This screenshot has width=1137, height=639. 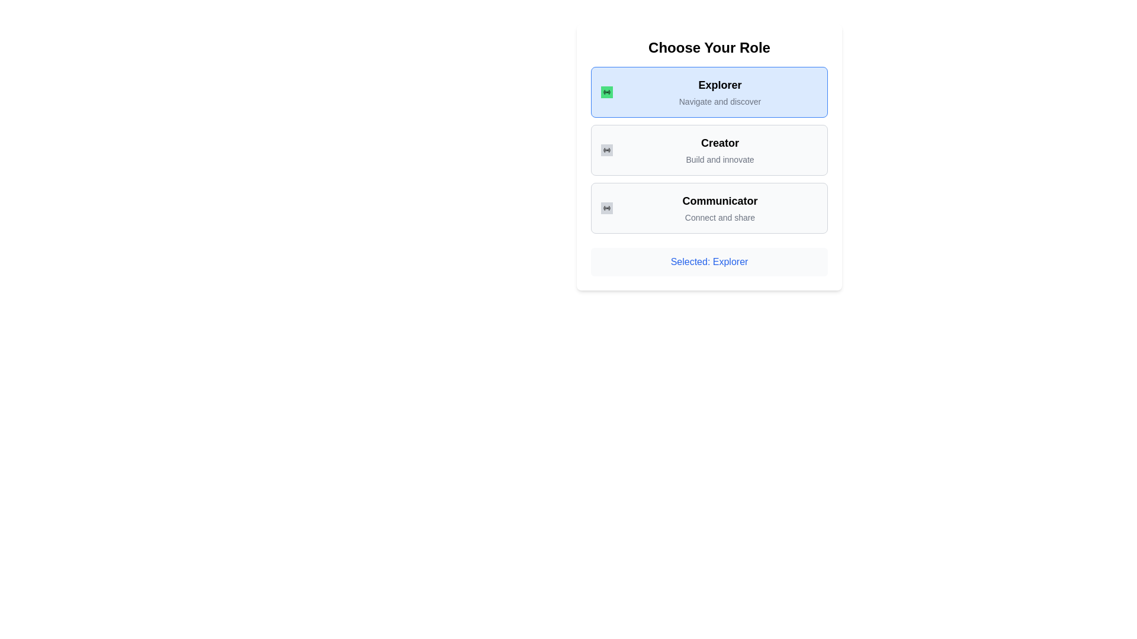 I want to click on the circular icon located to the left of the 'Explorer' text within the highlighted selection card, so click(x=607, y=91).